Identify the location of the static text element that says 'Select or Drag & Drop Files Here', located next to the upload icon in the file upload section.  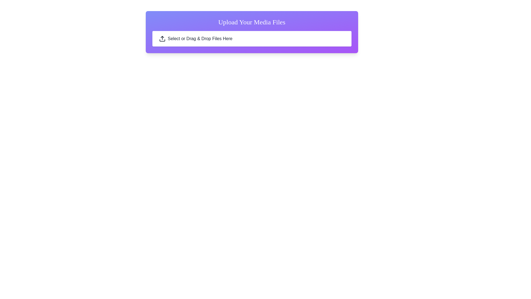
(200, 38).